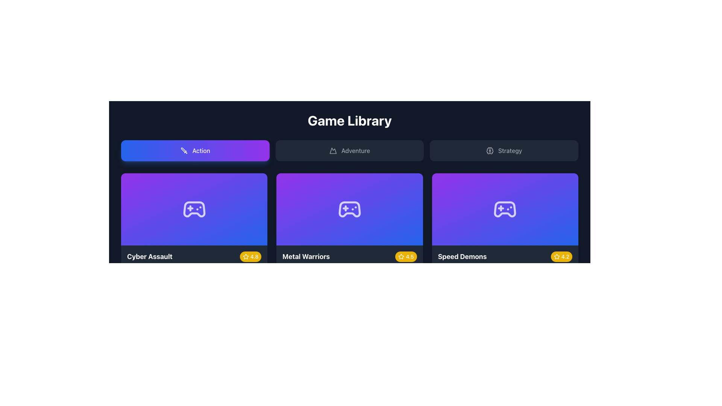  What do you see at coordinates (332, 151) in the screenshot?
I see `the decorative 'Adventure' category icon located in the top navigation section between 'Action' and 'Strategy' category tabs` at bounding box center [332, 151].